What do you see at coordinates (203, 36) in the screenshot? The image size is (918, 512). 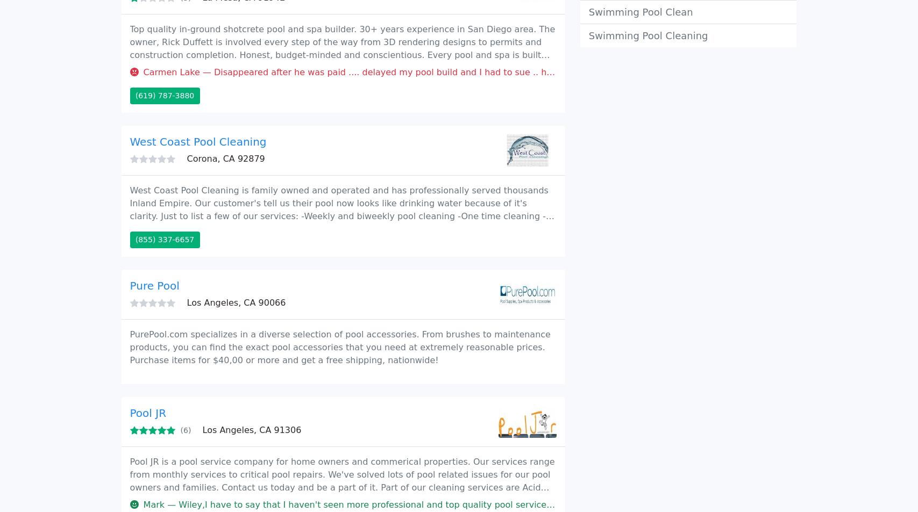 I see `'Company'` at bounding box center [203, 36].